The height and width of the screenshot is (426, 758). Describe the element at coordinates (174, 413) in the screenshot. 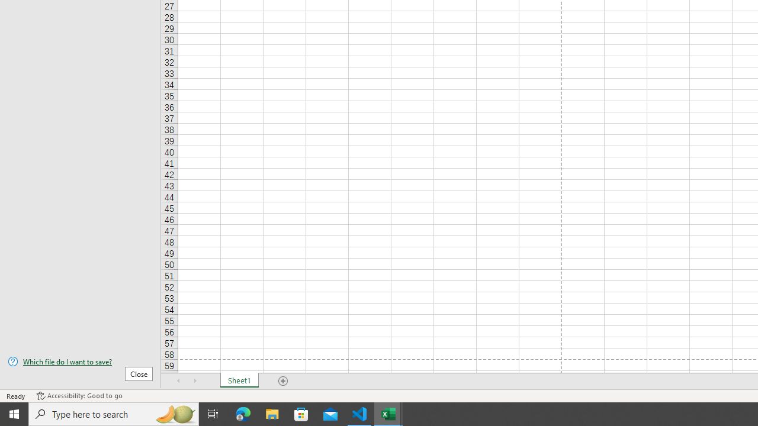

I see `'Search highlights icon opens search home window'` at that location.